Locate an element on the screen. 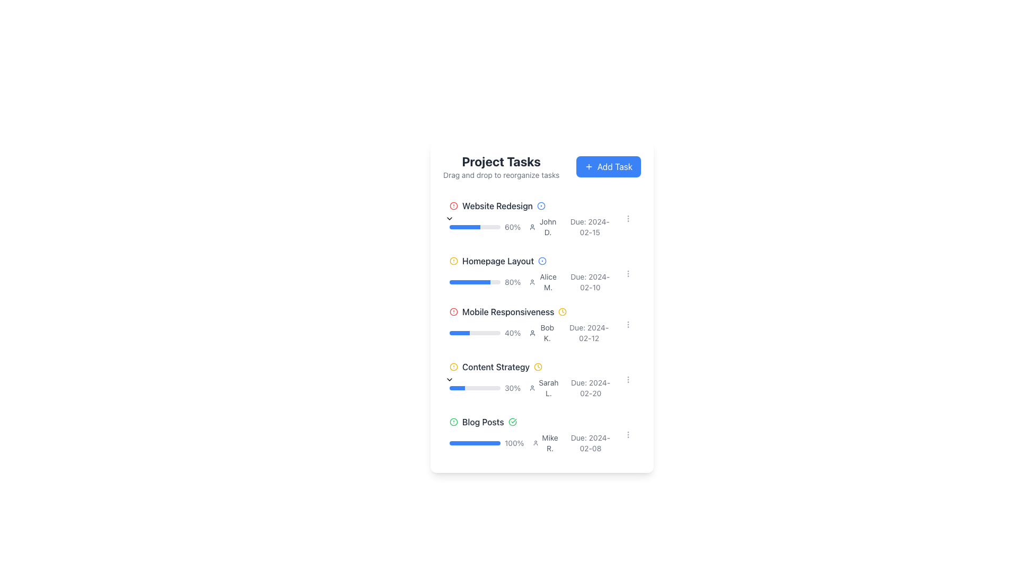  the label displaying '60%' in gray color, located to the right of the progress bar in the 'Website Redesign' task entry, situated in the second row is located at coordinates (513, 226).